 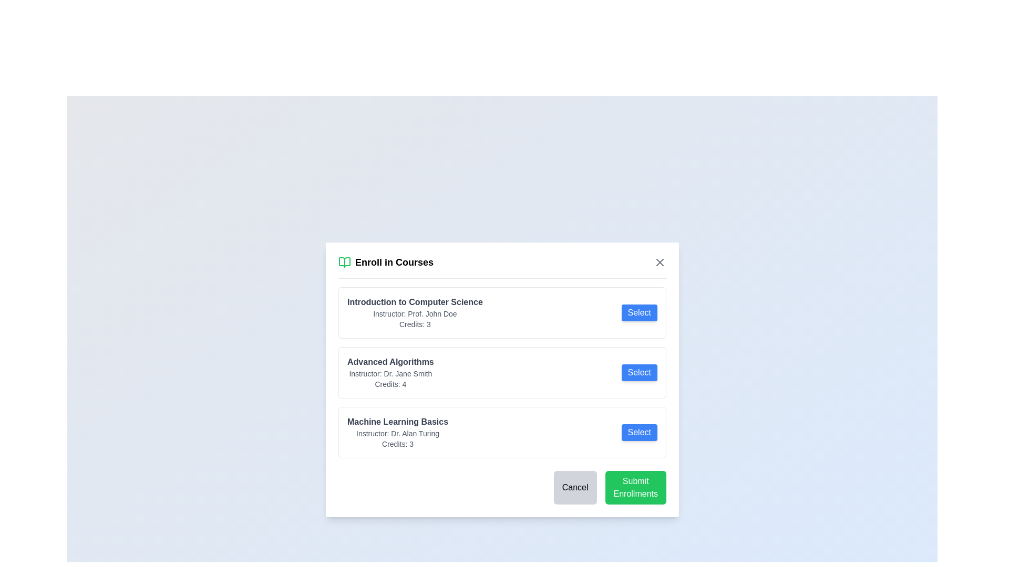 I want to click on the text label displaying 'Credits: 3', which is positioned below 'Instructor: Dr. Alan Turing' in the course details modal, so click(x=397, y=444).